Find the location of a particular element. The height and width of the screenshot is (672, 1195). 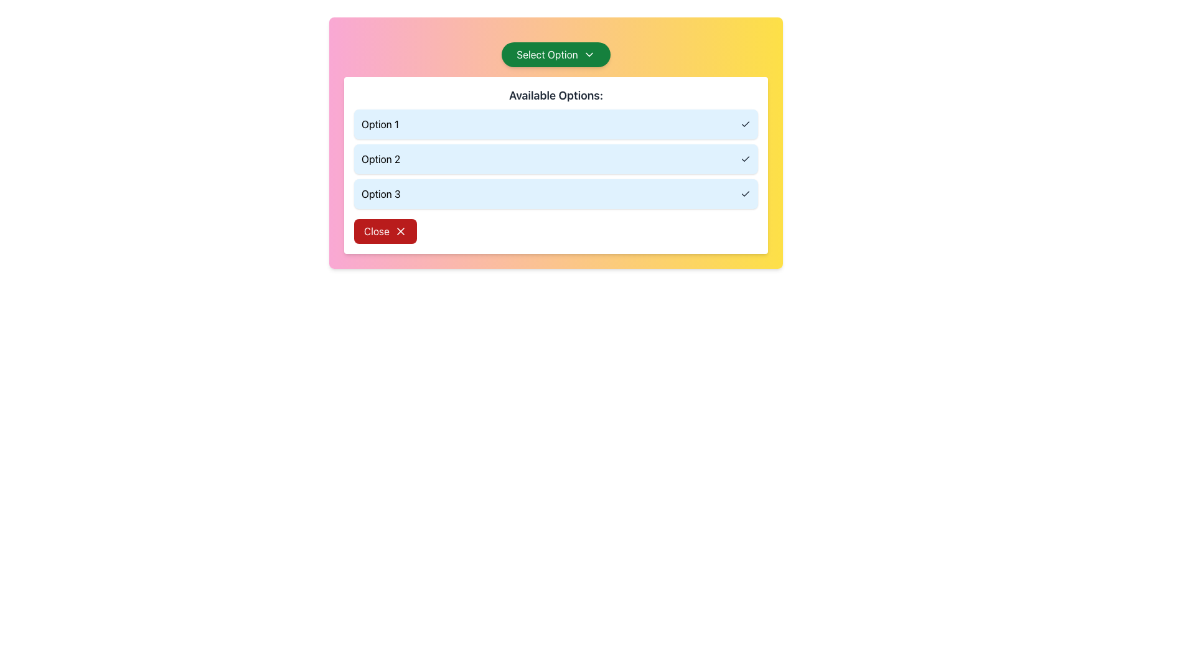

the text label 'Option 3', which is the third item in a vertically stacked list of selectable options within a light blue box is located at coordinates (380, 194).